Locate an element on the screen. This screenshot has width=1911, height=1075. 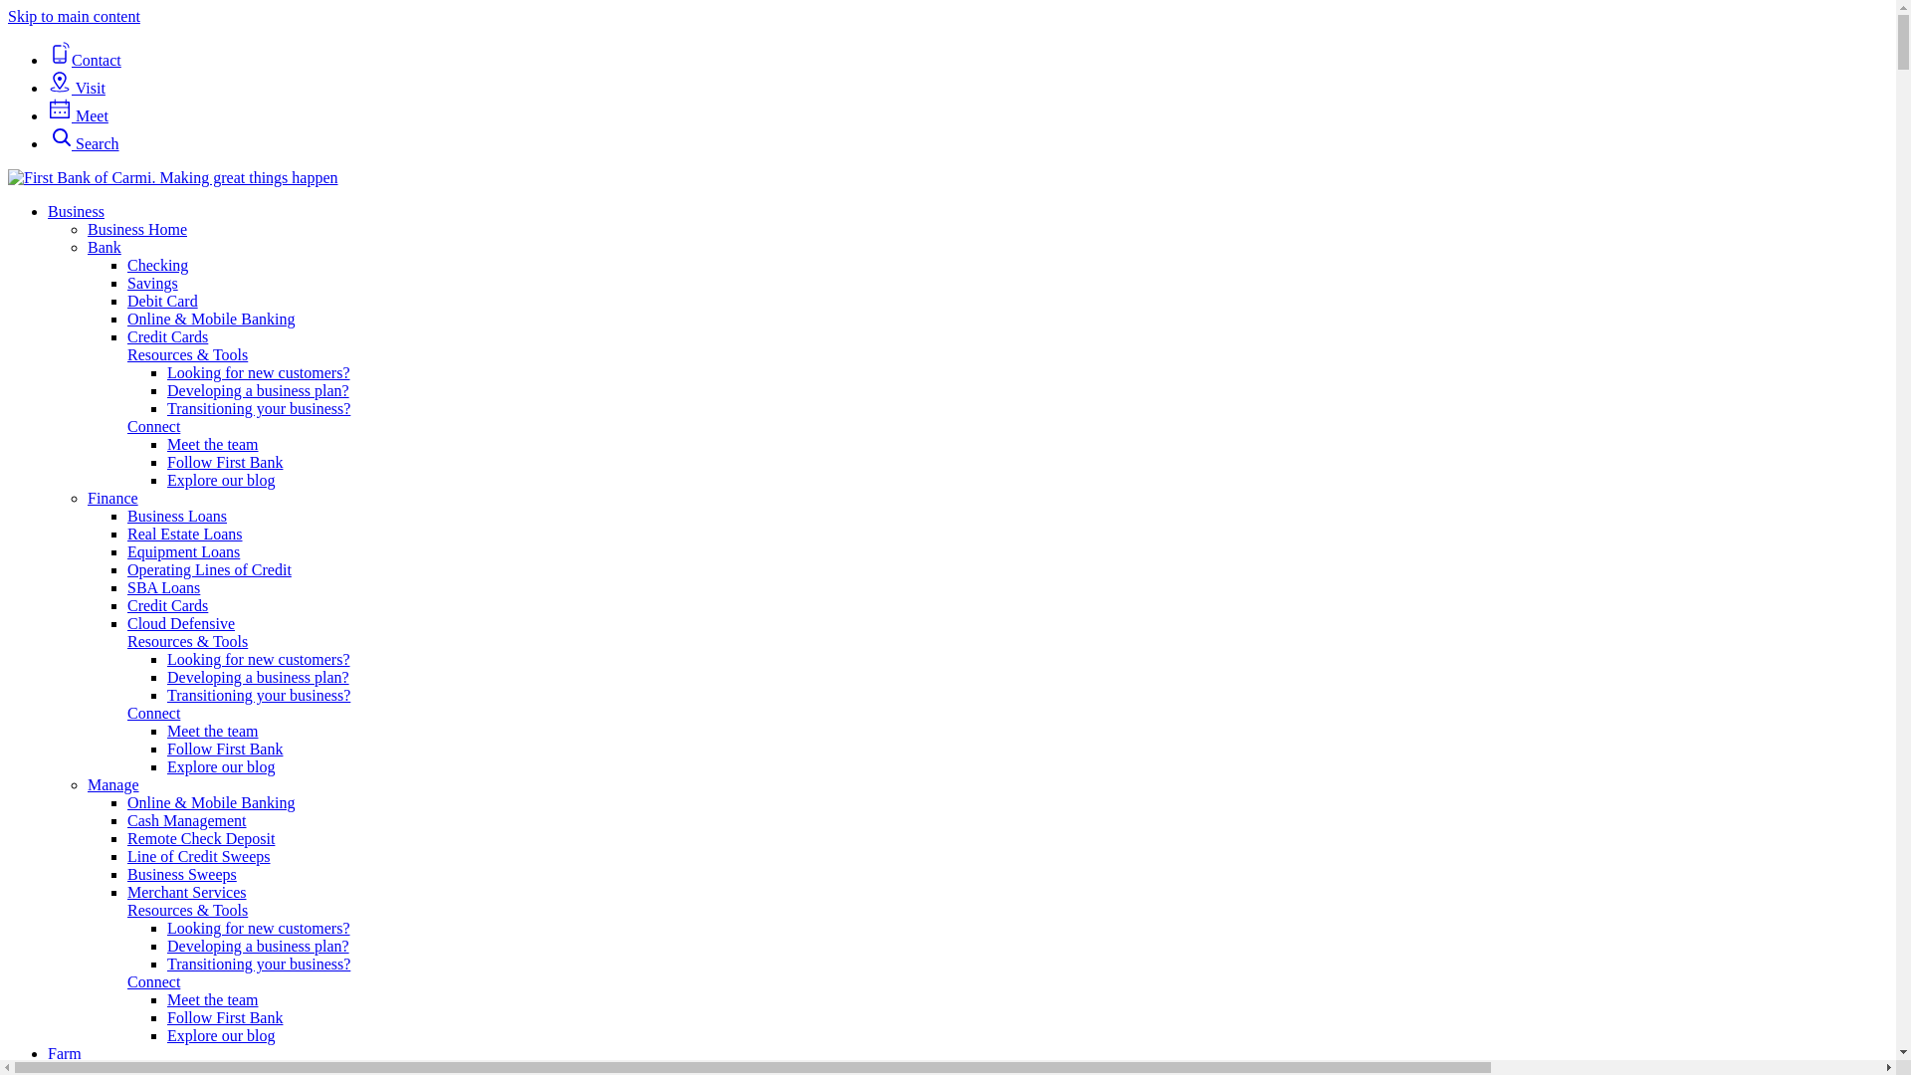
'Looking for new customers?' is located at coordinates (257, 928).